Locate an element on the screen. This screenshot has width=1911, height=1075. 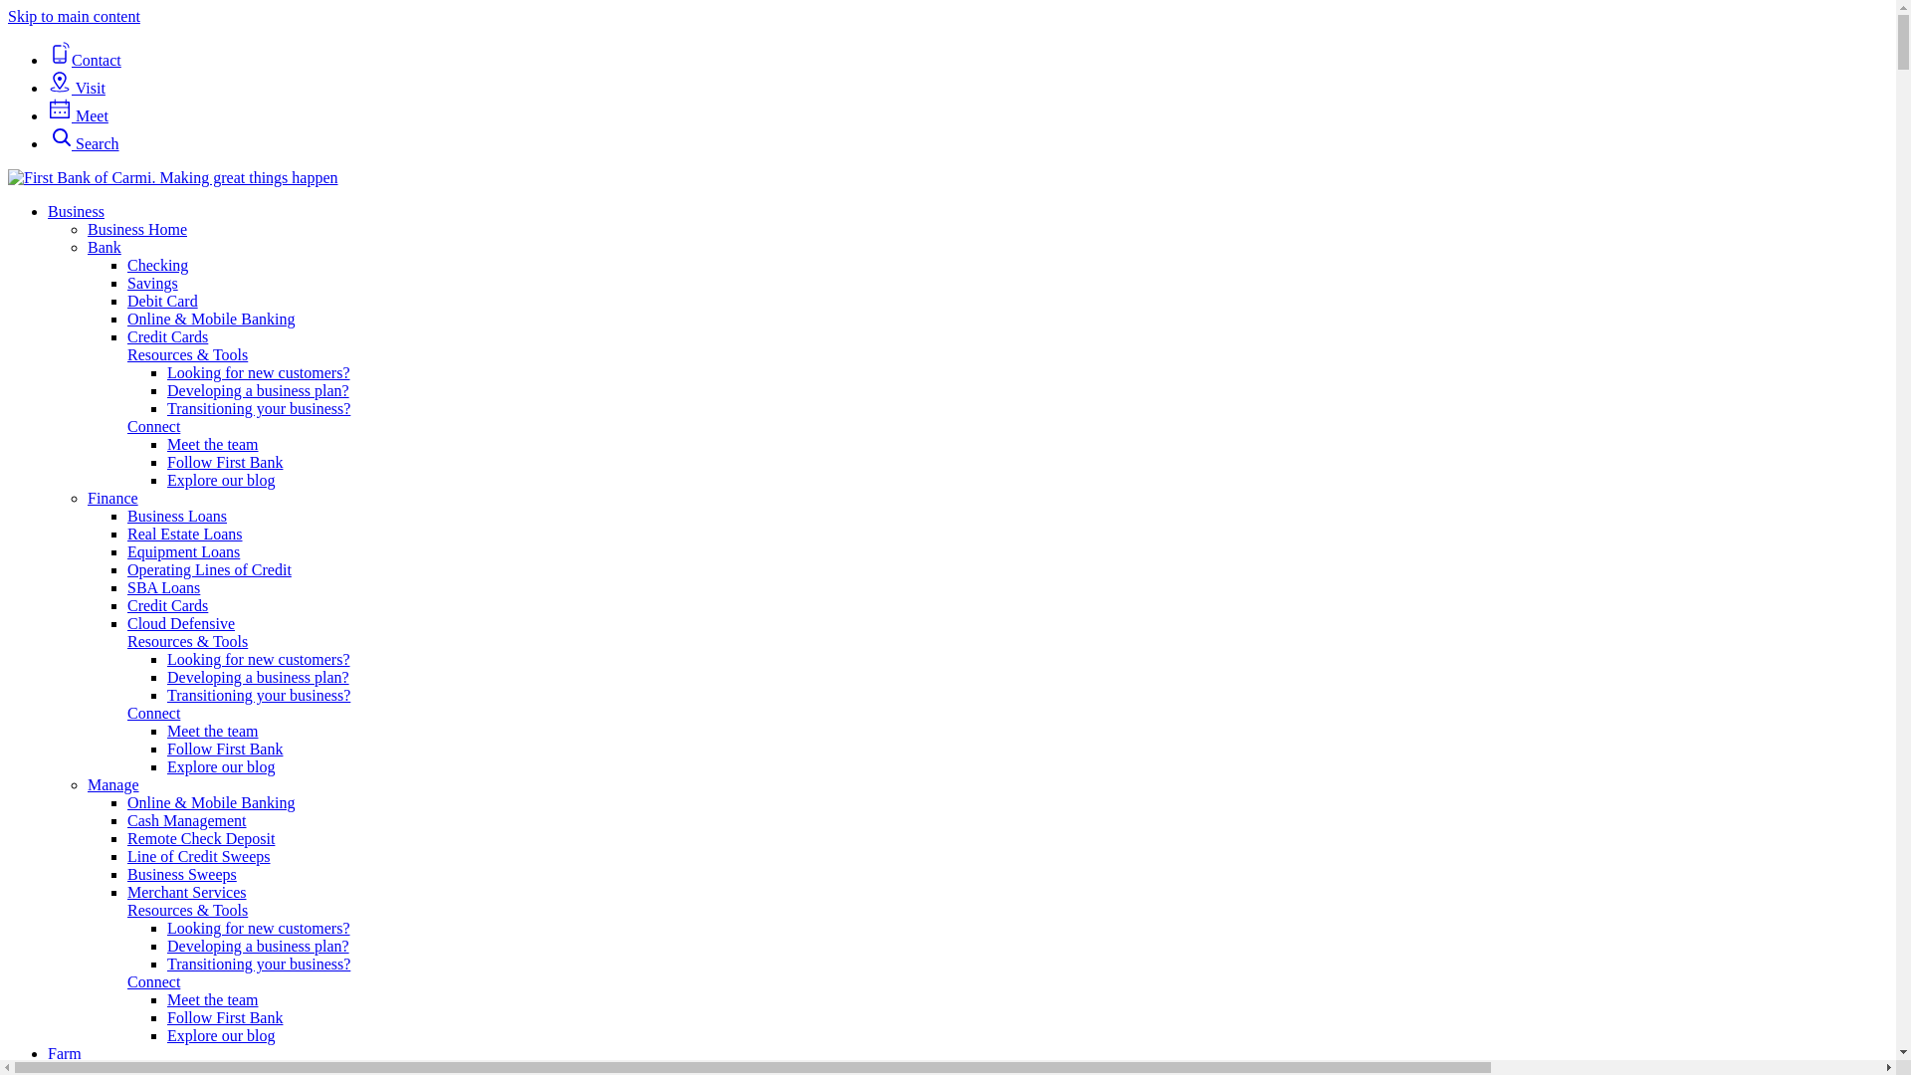
'Looking for new customers?' is located at coordinates (257, 928).